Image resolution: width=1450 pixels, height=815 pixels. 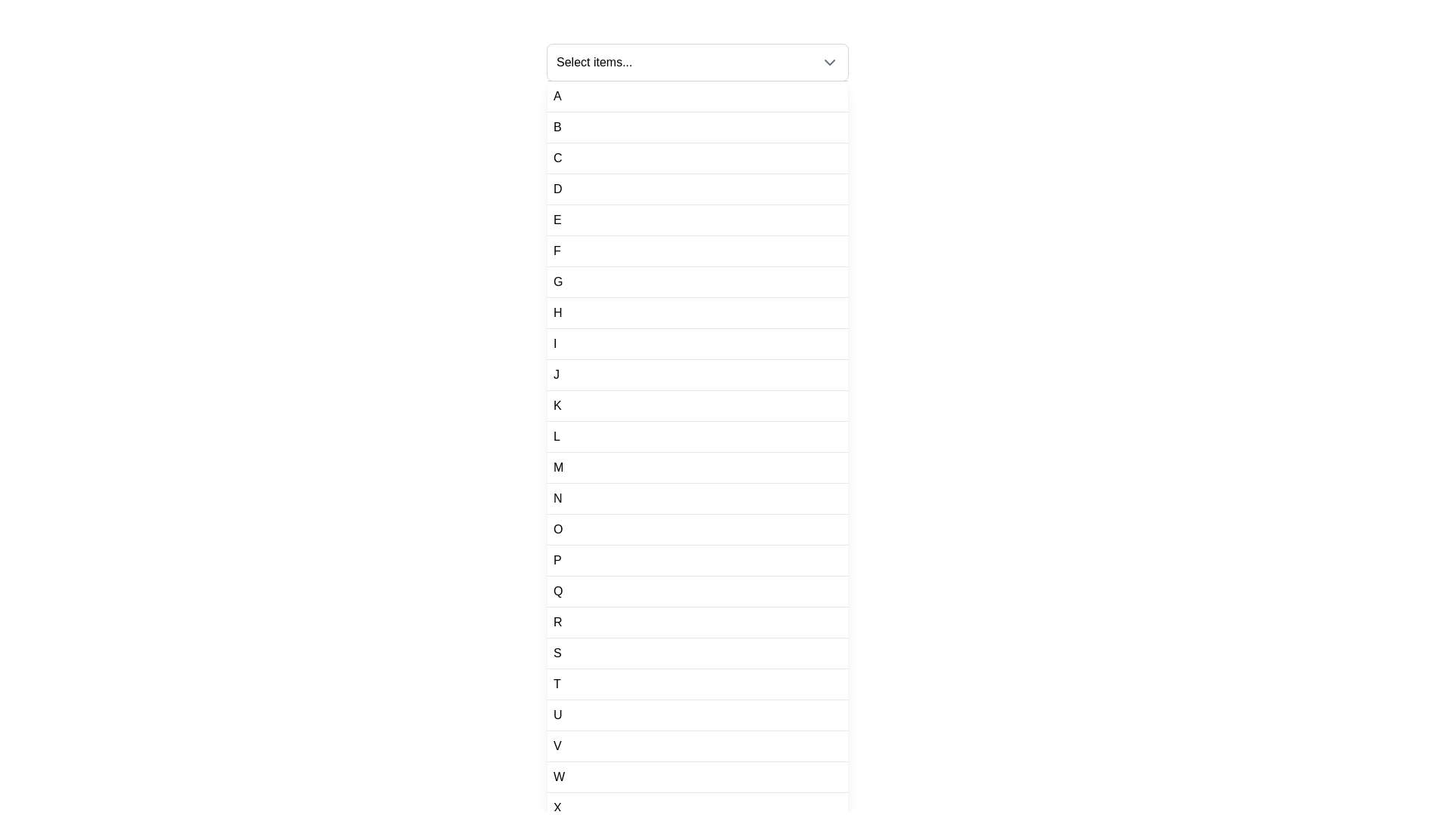 I want to click on the dropdown menu item displaying the letter 'W' to emphasize the option, so click(x=558, y=777).